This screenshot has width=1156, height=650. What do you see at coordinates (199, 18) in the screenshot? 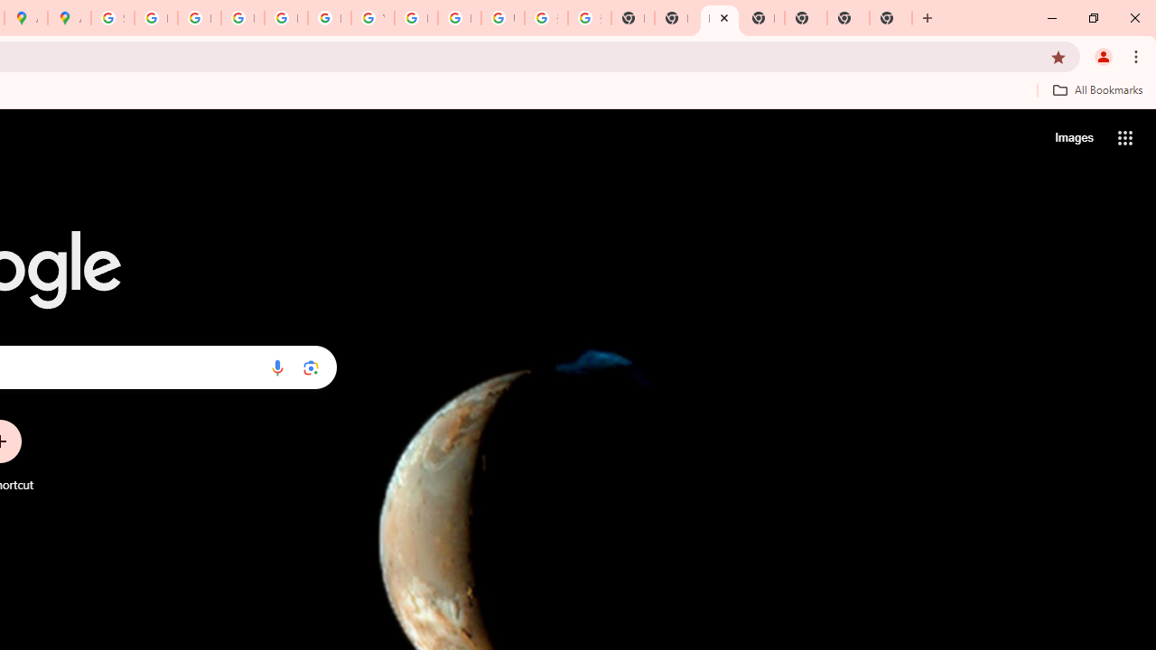
I see `'Privacy Help Center - Policies Help'` at bounding box center [199, 18].